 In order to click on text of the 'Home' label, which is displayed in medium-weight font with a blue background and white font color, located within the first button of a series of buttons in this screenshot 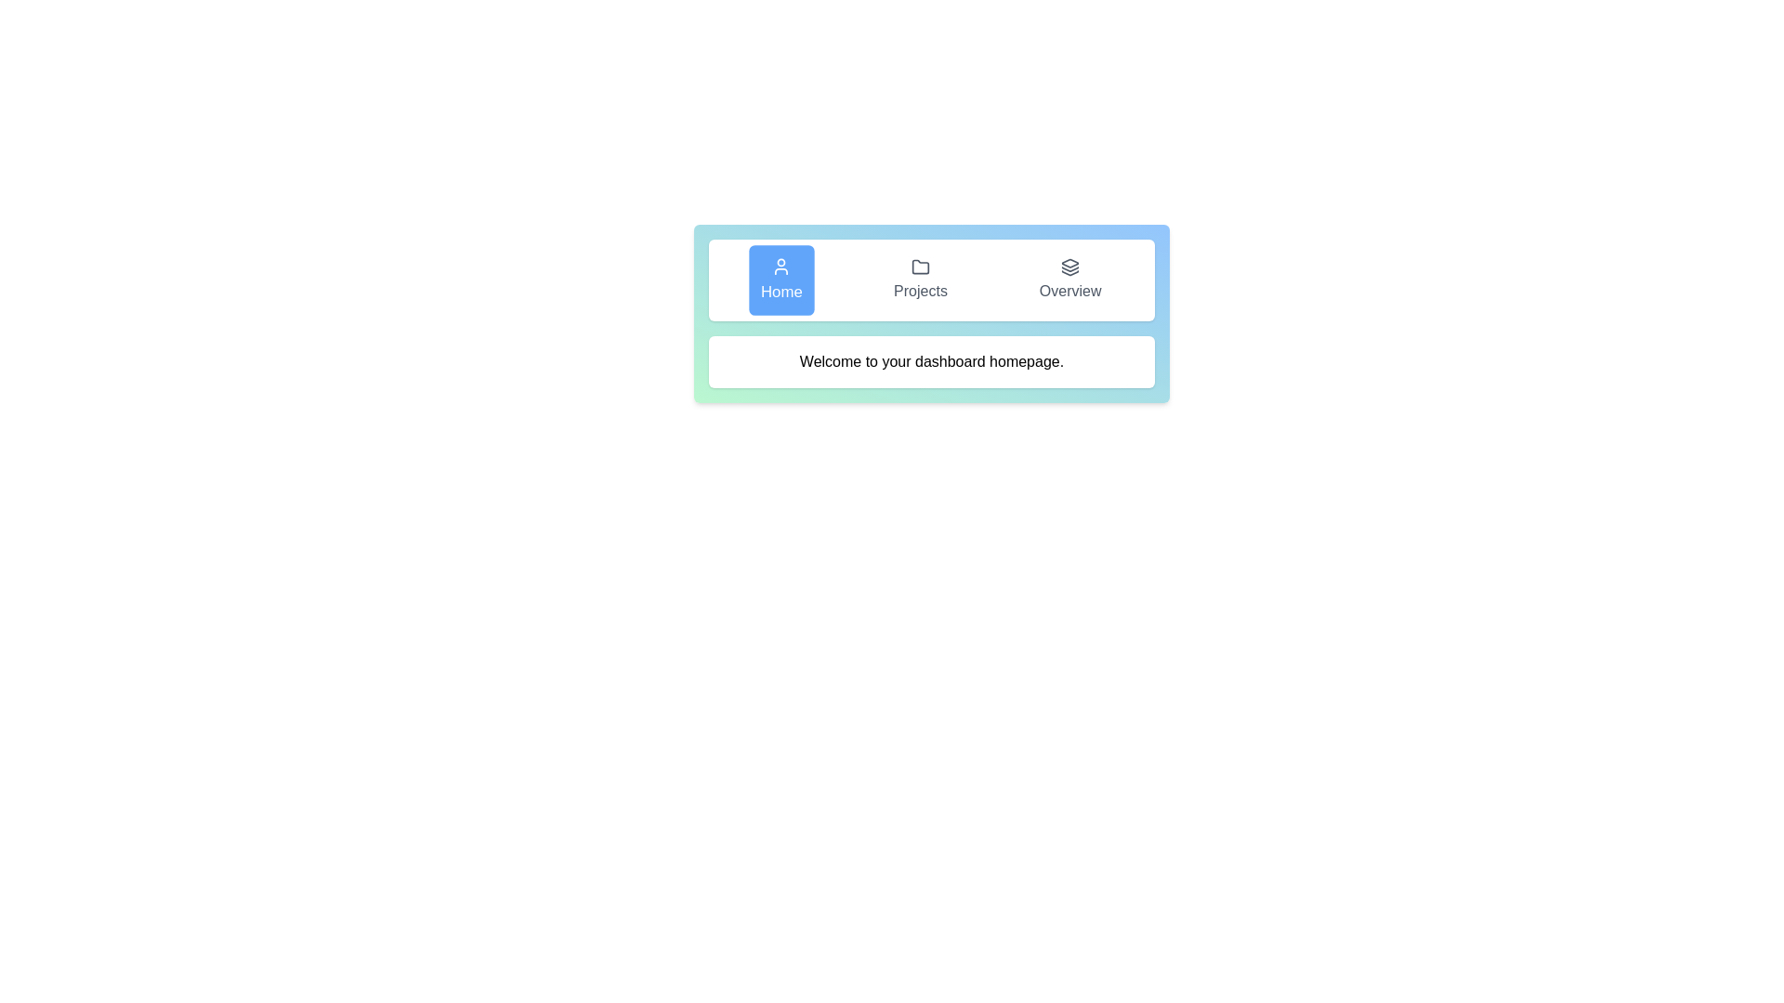, I will do `click(781, 292)`.